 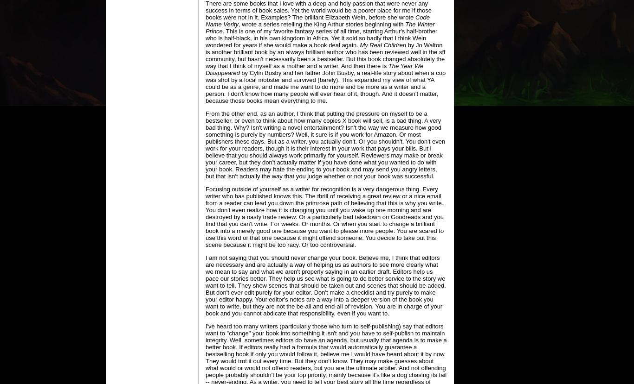 I want to click on 'The Winter Prince', so click(x=205, y=27).